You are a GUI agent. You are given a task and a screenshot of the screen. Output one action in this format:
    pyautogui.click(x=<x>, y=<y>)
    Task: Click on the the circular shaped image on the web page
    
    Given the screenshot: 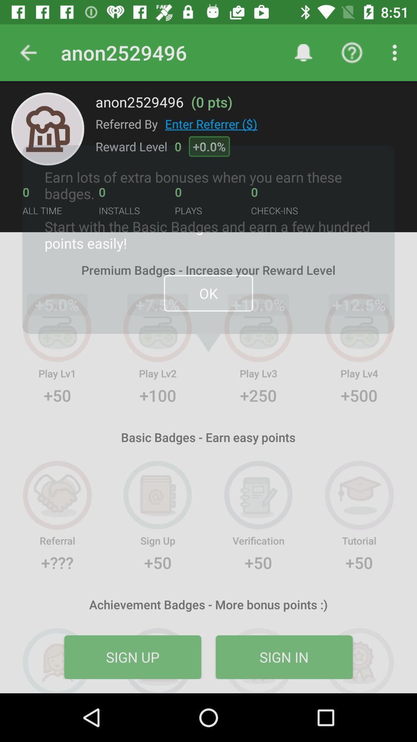 What is the action you would take?
    pyautogui.click(x=47, y=129)
    